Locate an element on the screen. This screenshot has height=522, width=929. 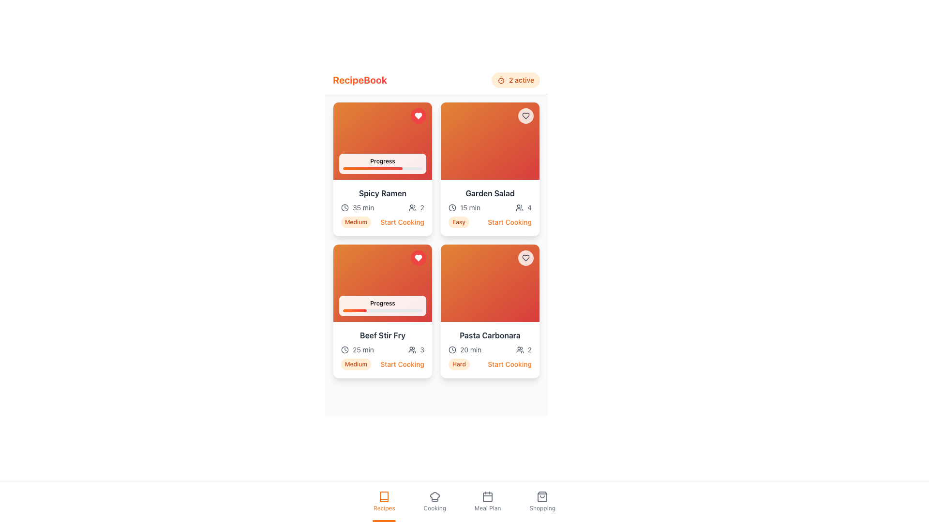
the estimated preparation time text and icon pairing located in the lower-left region of the second card in the grid layout is located at coordinates (464, 207).